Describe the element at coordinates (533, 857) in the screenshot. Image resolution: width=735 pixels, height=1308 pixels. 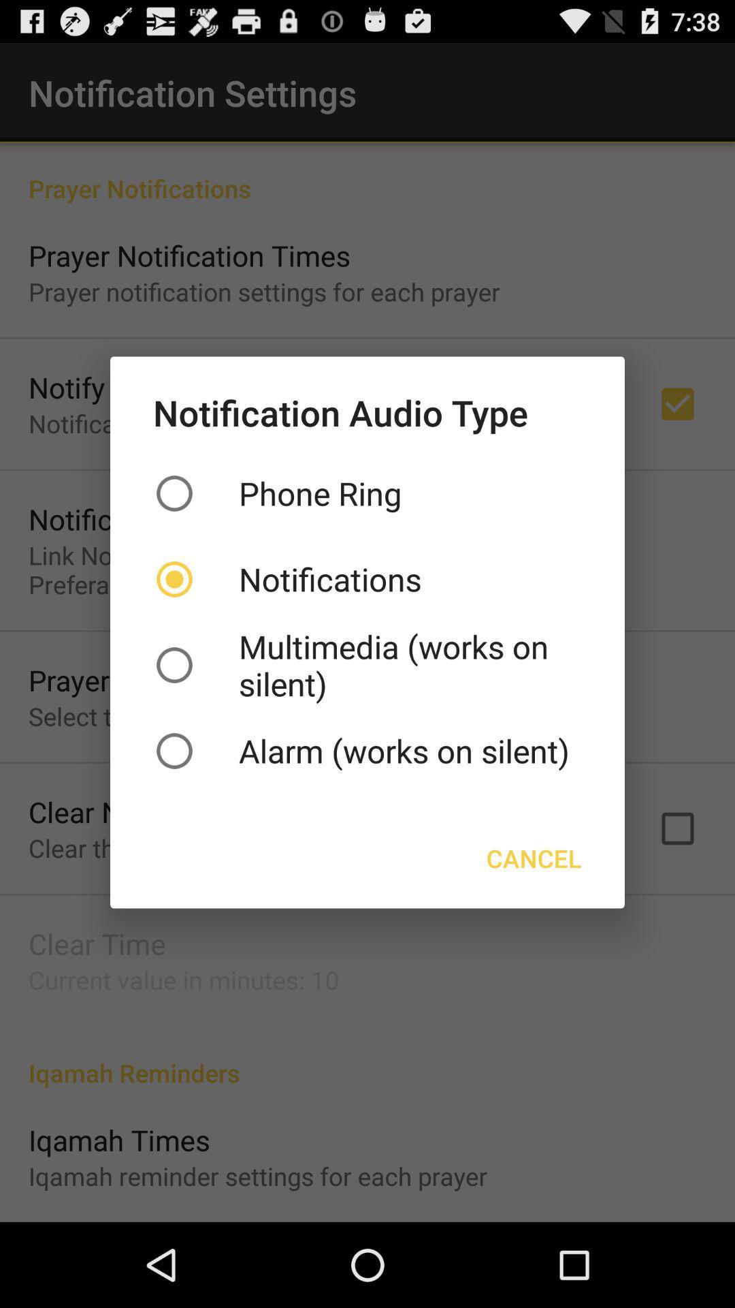
I see `the cancel item` at that location.